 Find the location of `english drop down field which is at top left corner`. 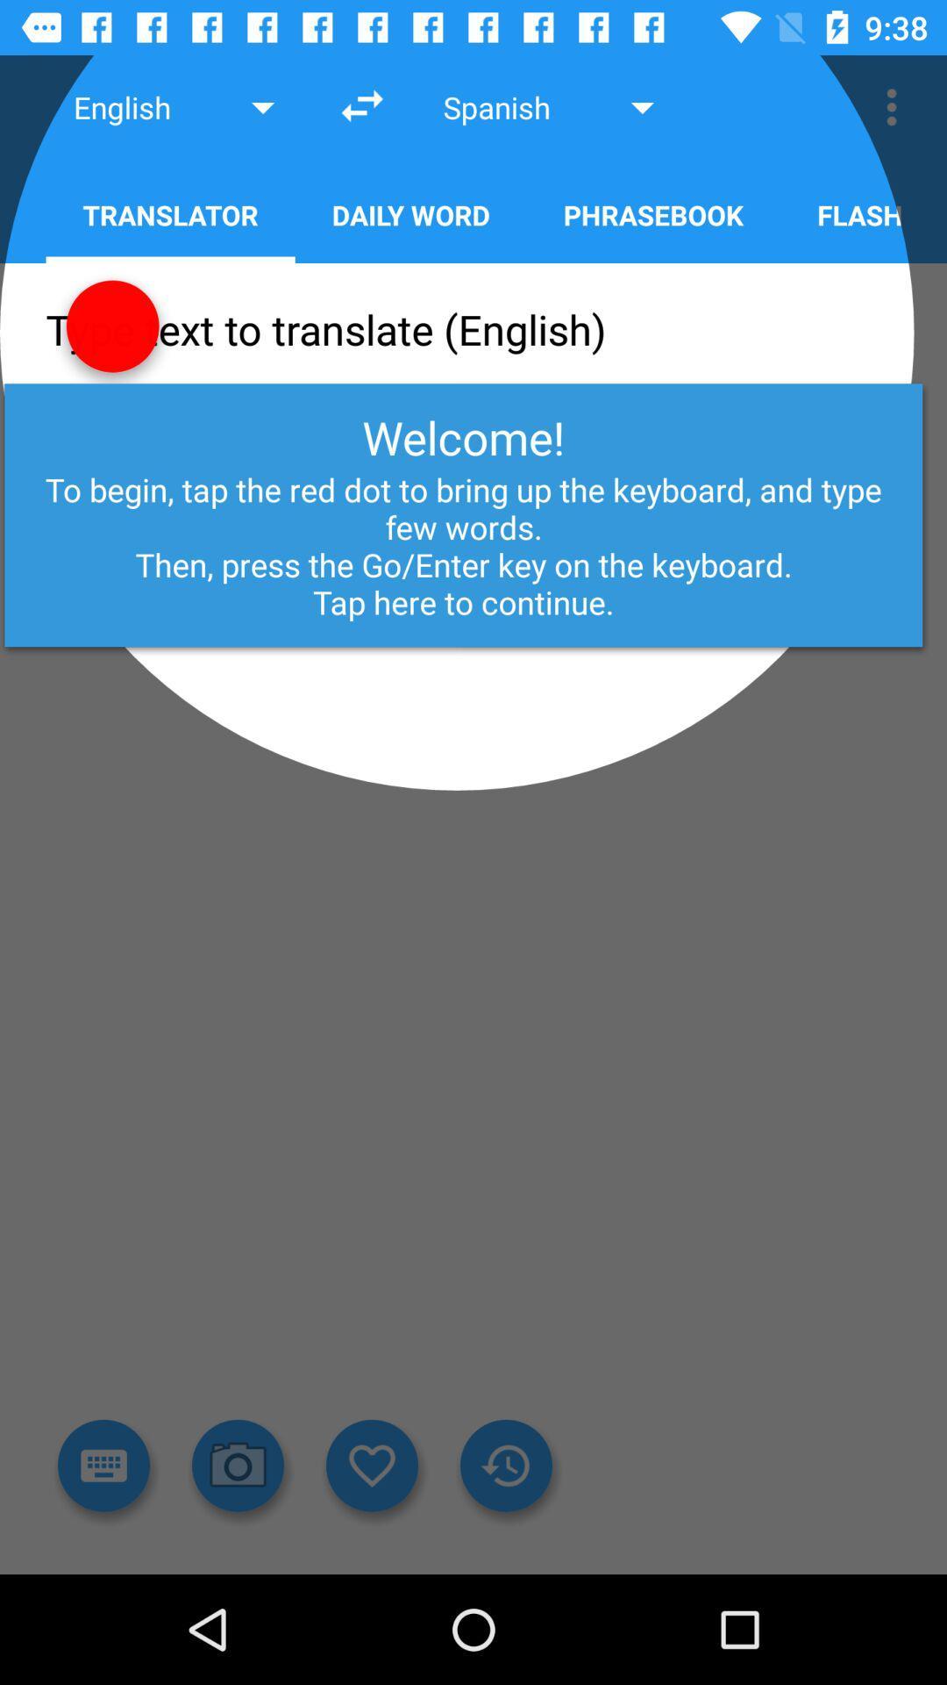

english drop down field which is at top left corner is located at coordinates (177, 106).